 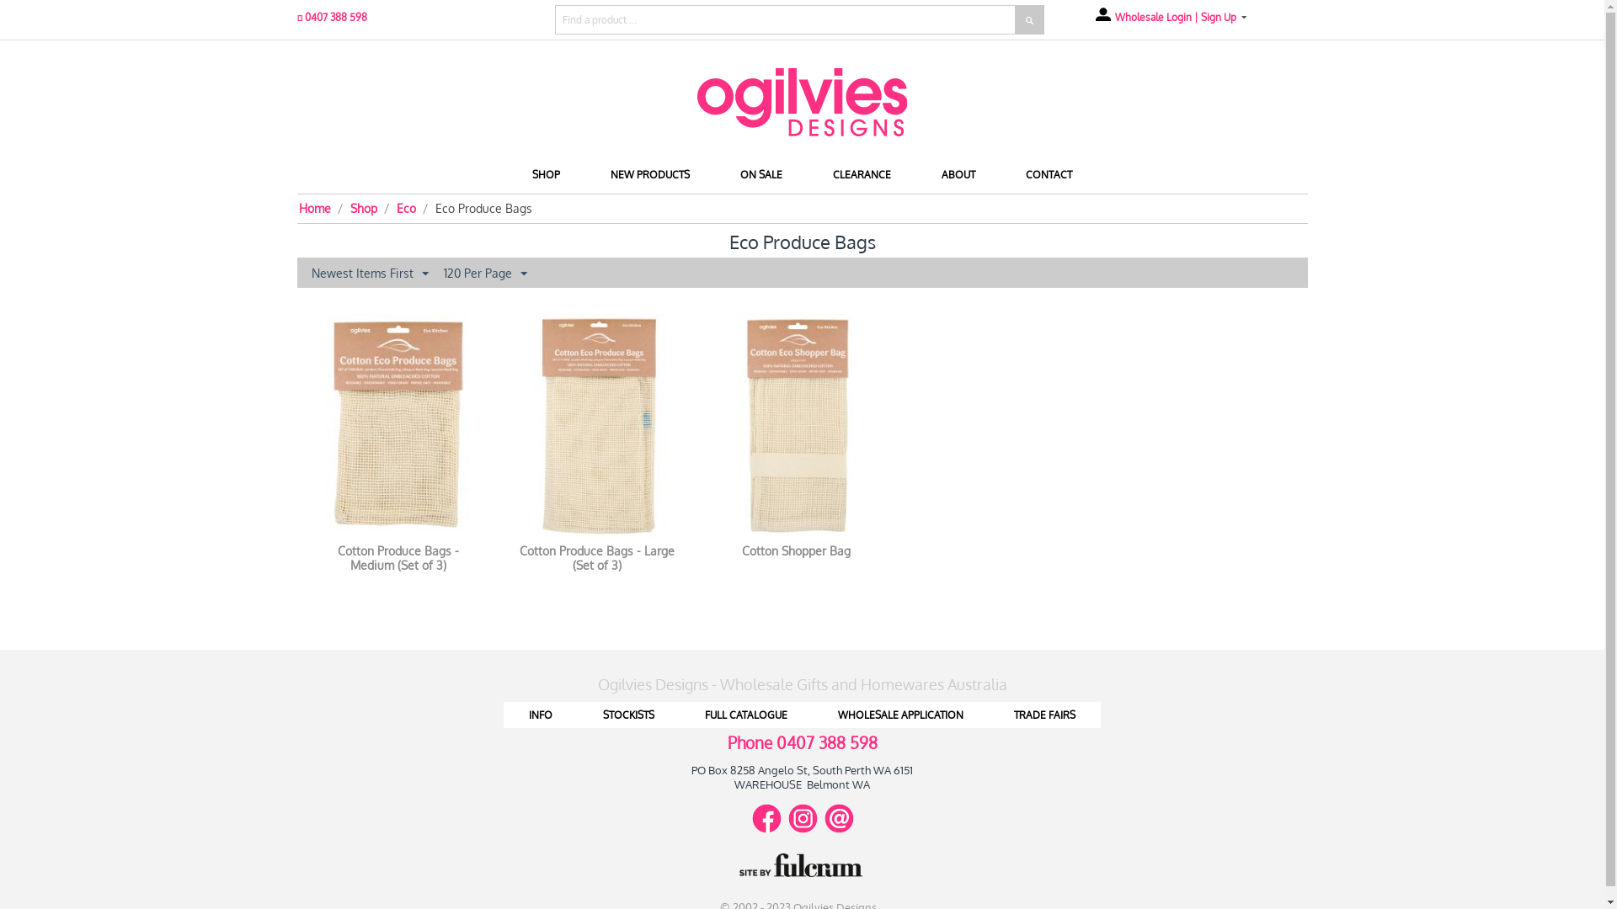 I want to click on 'Eco', so click(x=405, y=207).